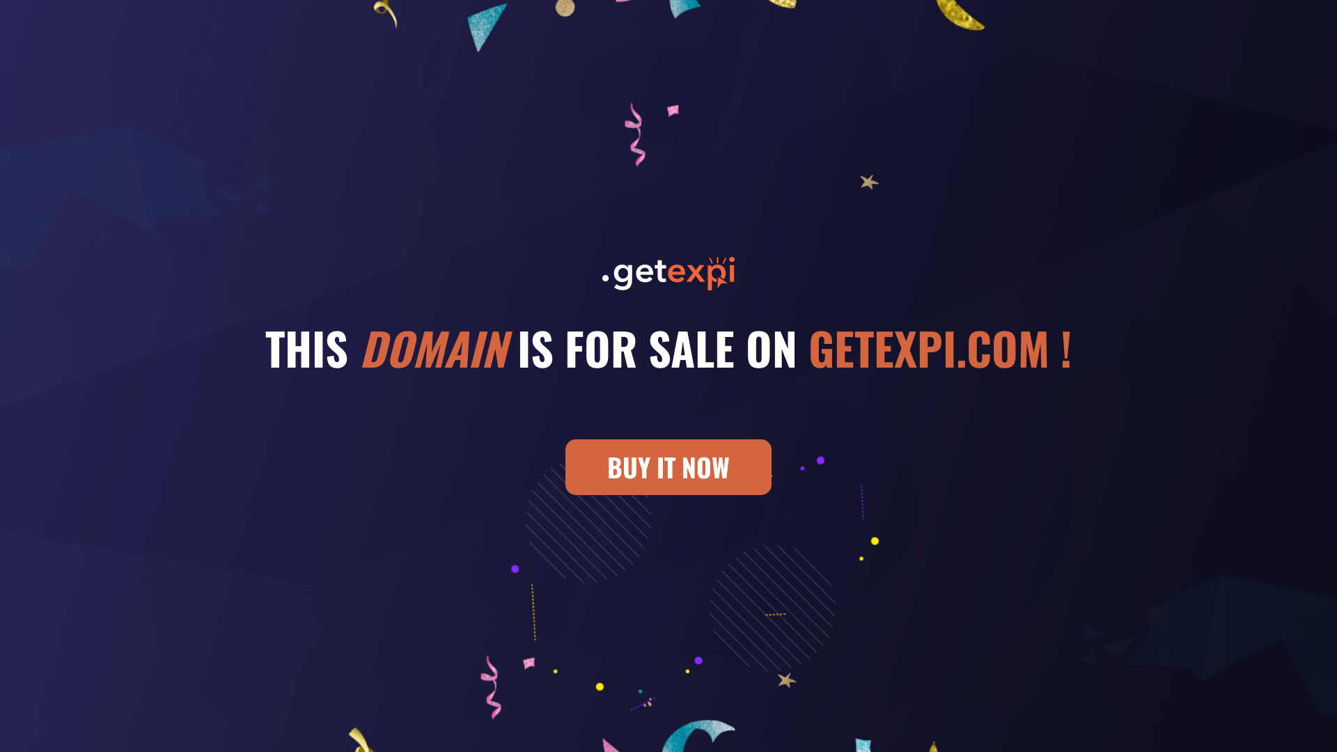  Describe the element at coordinates (668, 467) in the screenshot. I see `'BUY IT NOW'` at that location.